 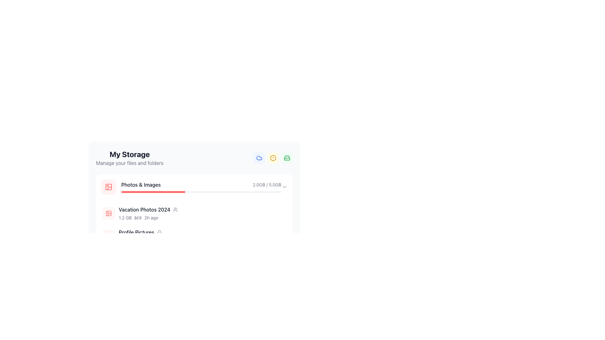 What do you see at coordinates (138, 217) in the screenshot?
I see `the visual separator bullet point located between '1.2 GB' and '2h ago' in the section under 'Vacation Photos 2024'` at bounding box center [138, 217].